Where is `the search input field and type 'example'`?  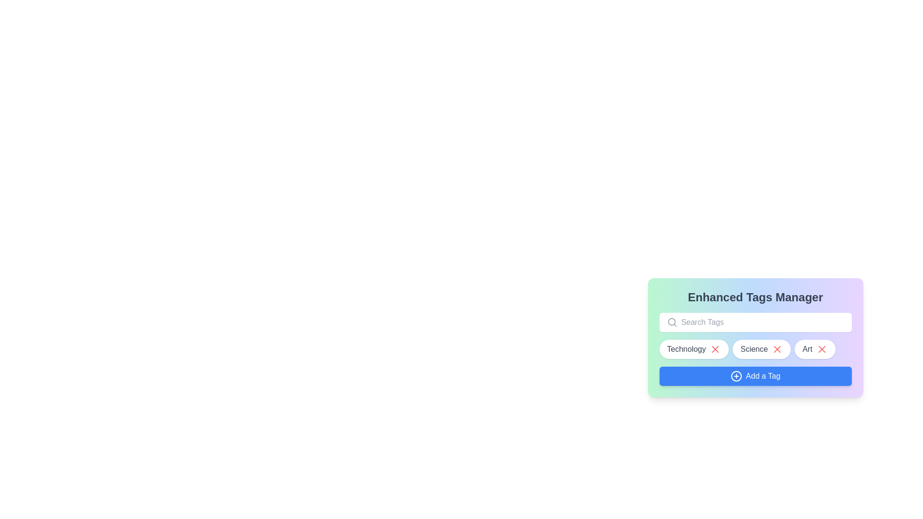
the search input field and type 'example' is located at coordinates (763, 322).